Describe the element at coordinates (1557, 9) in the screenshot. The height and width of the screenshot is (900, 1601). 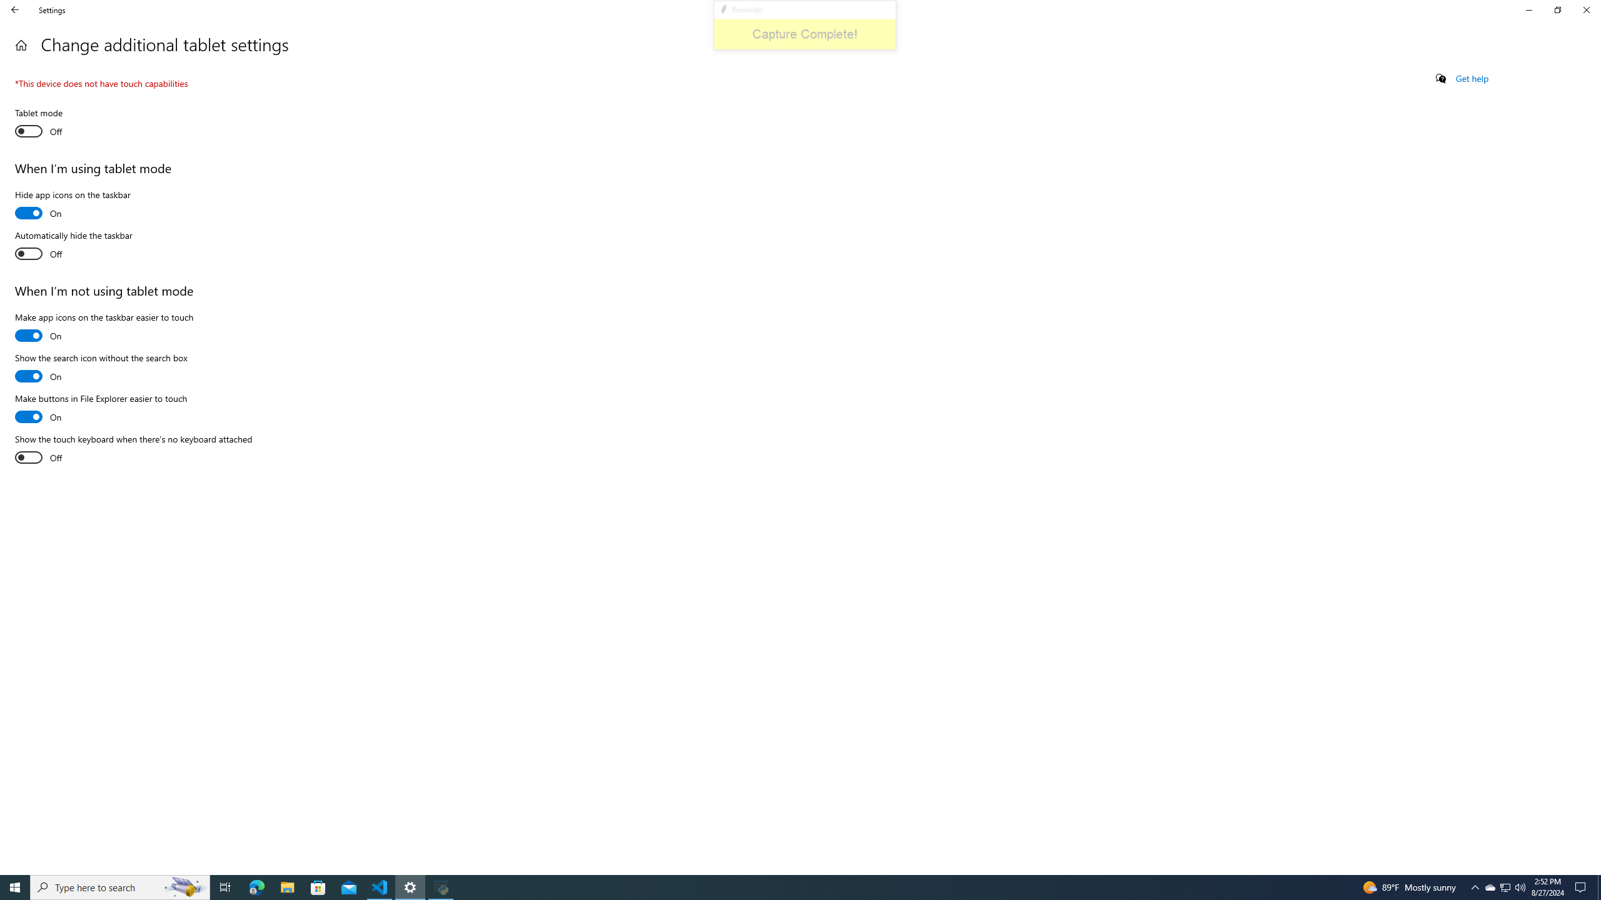
I see `'Restore Settings'` at that location.